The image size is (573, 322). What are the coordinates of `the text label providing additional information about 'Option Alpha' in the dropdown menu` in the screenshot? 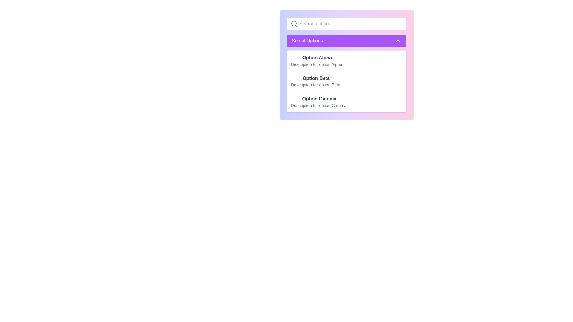 It's located at (317, 64).